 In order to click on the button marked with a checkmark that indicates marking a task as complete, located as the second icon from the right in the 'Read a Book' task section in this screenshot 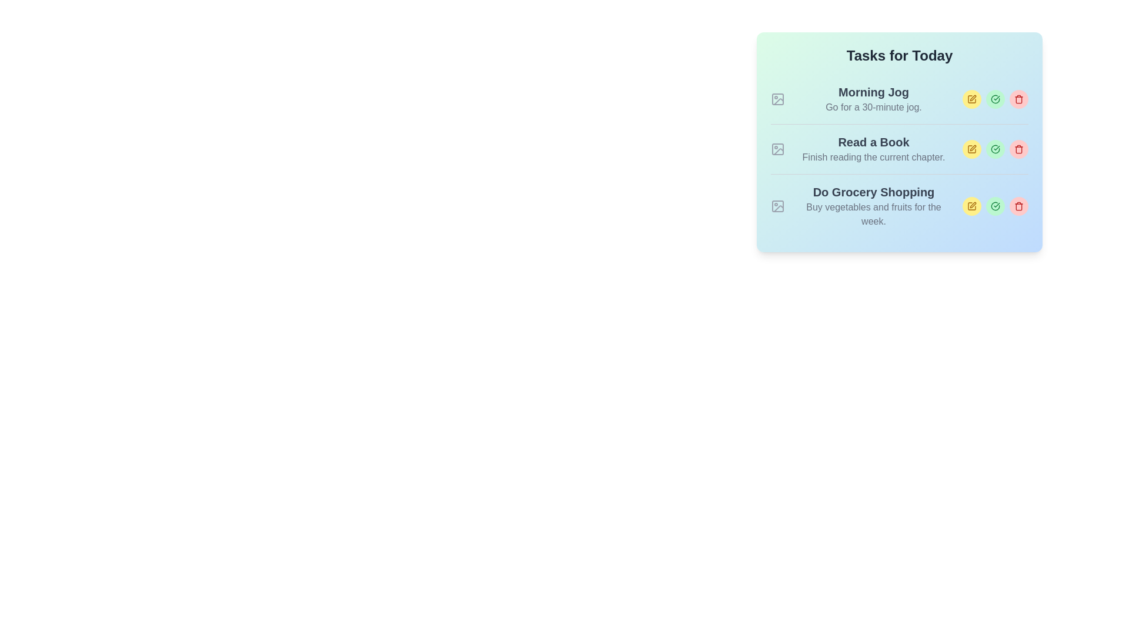, I will do `click(995, 149)`.